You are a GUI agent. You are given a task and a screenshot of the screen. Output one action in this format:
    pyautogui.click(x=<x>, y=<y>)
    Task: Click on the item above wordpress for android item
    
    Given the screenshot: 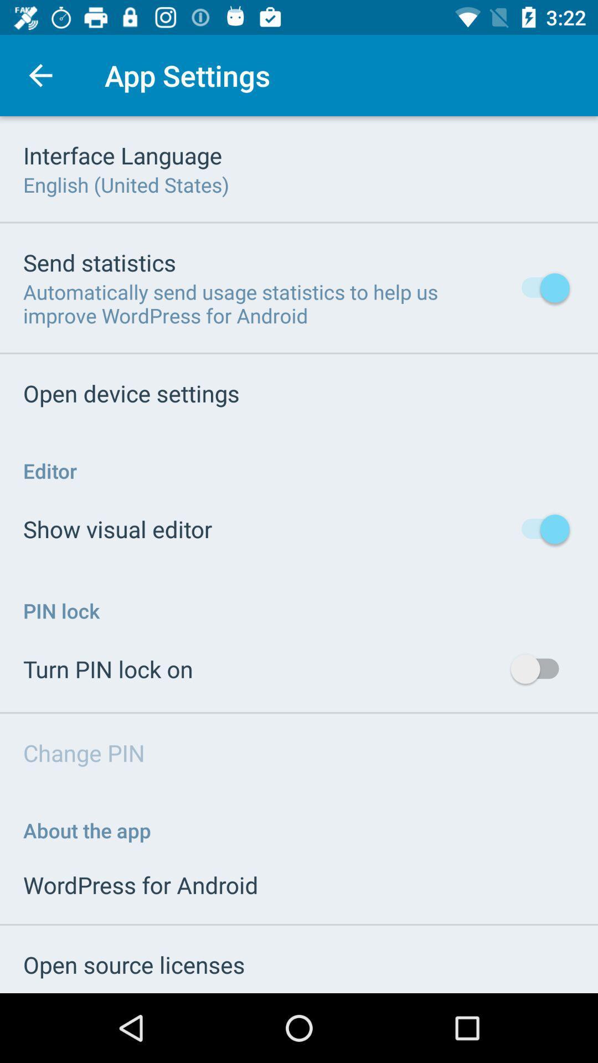 What is the action you would take?
    pyautogui.click(x=86, y=830)
    